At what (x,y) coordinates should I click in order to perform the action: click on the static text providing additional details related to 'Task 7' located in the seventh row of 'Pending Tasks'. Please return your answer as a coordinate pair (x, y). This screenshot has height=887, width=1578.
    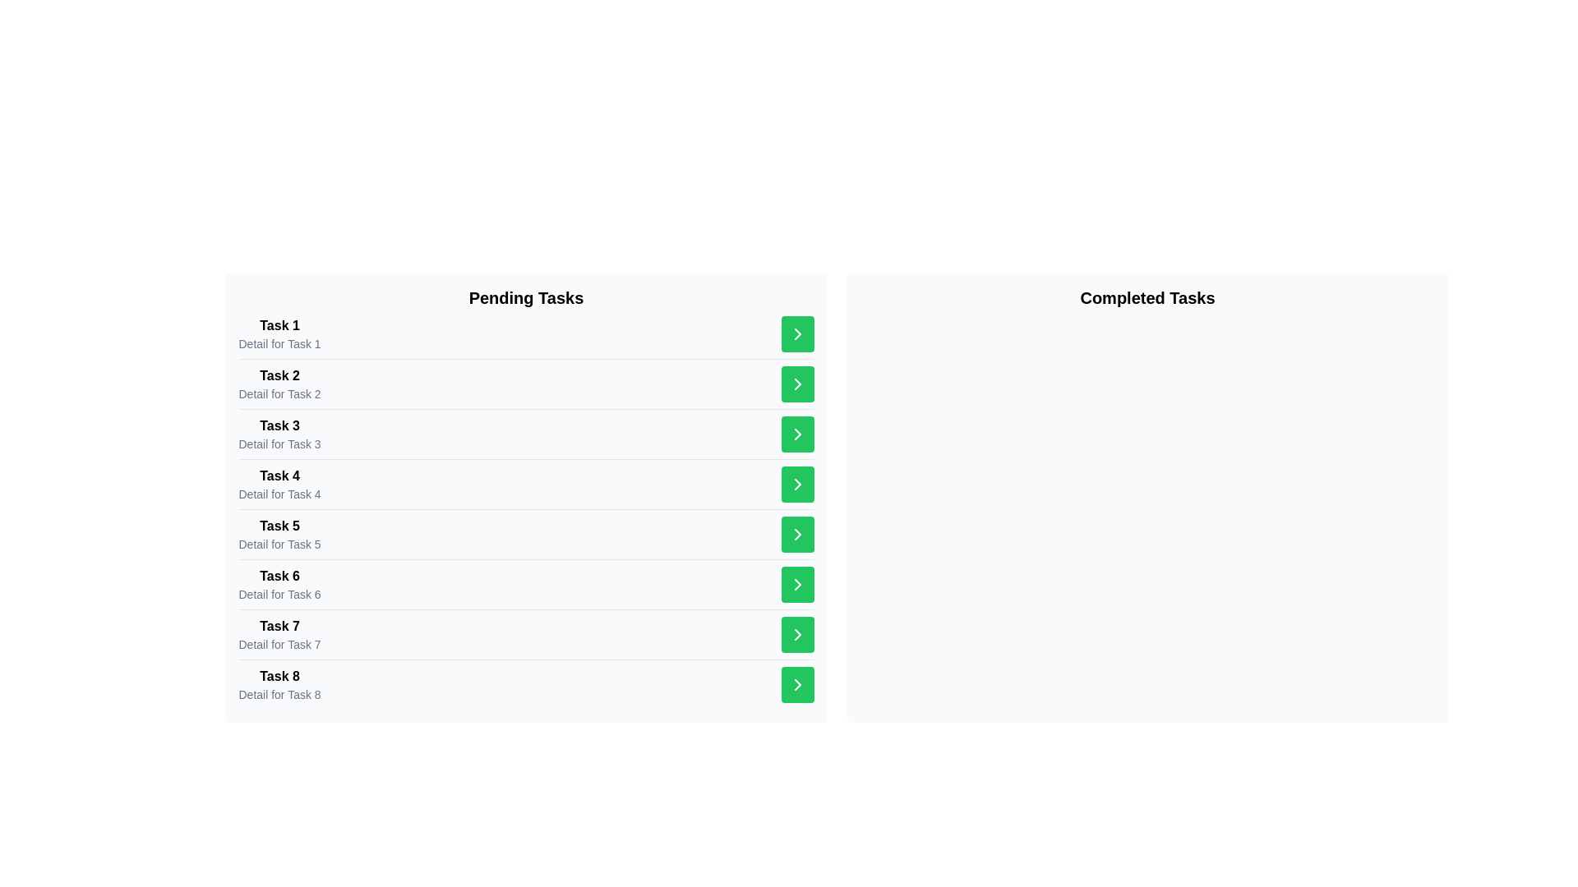
    Looking at the image, I should click on (279, 644).